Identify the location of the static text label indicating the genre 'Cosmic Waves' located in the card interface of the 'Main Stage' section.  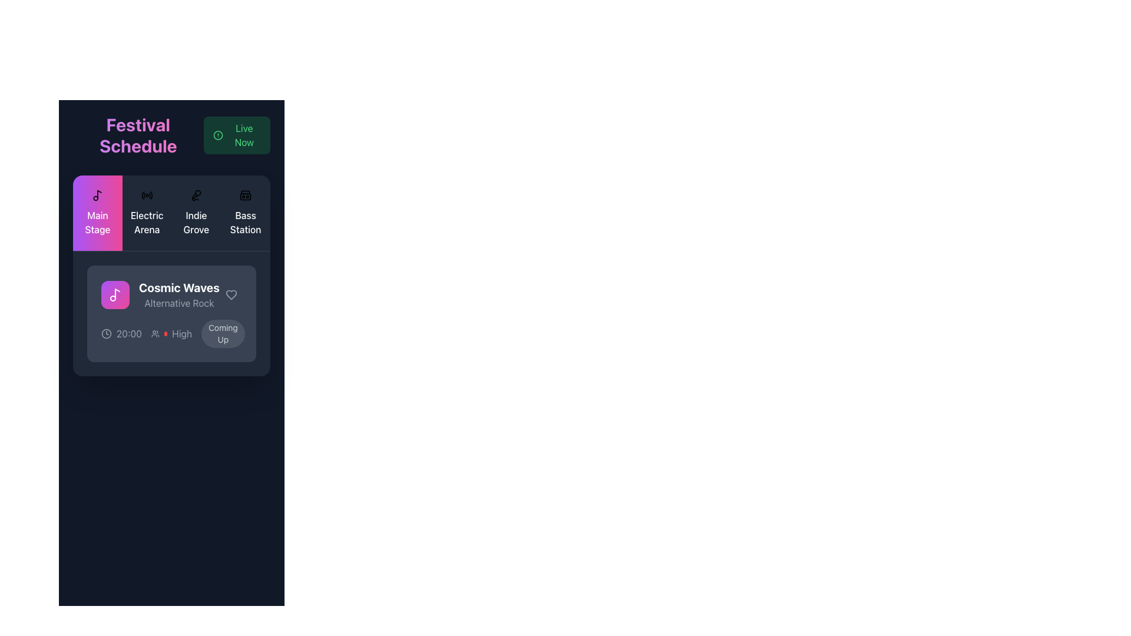
(178, 303).